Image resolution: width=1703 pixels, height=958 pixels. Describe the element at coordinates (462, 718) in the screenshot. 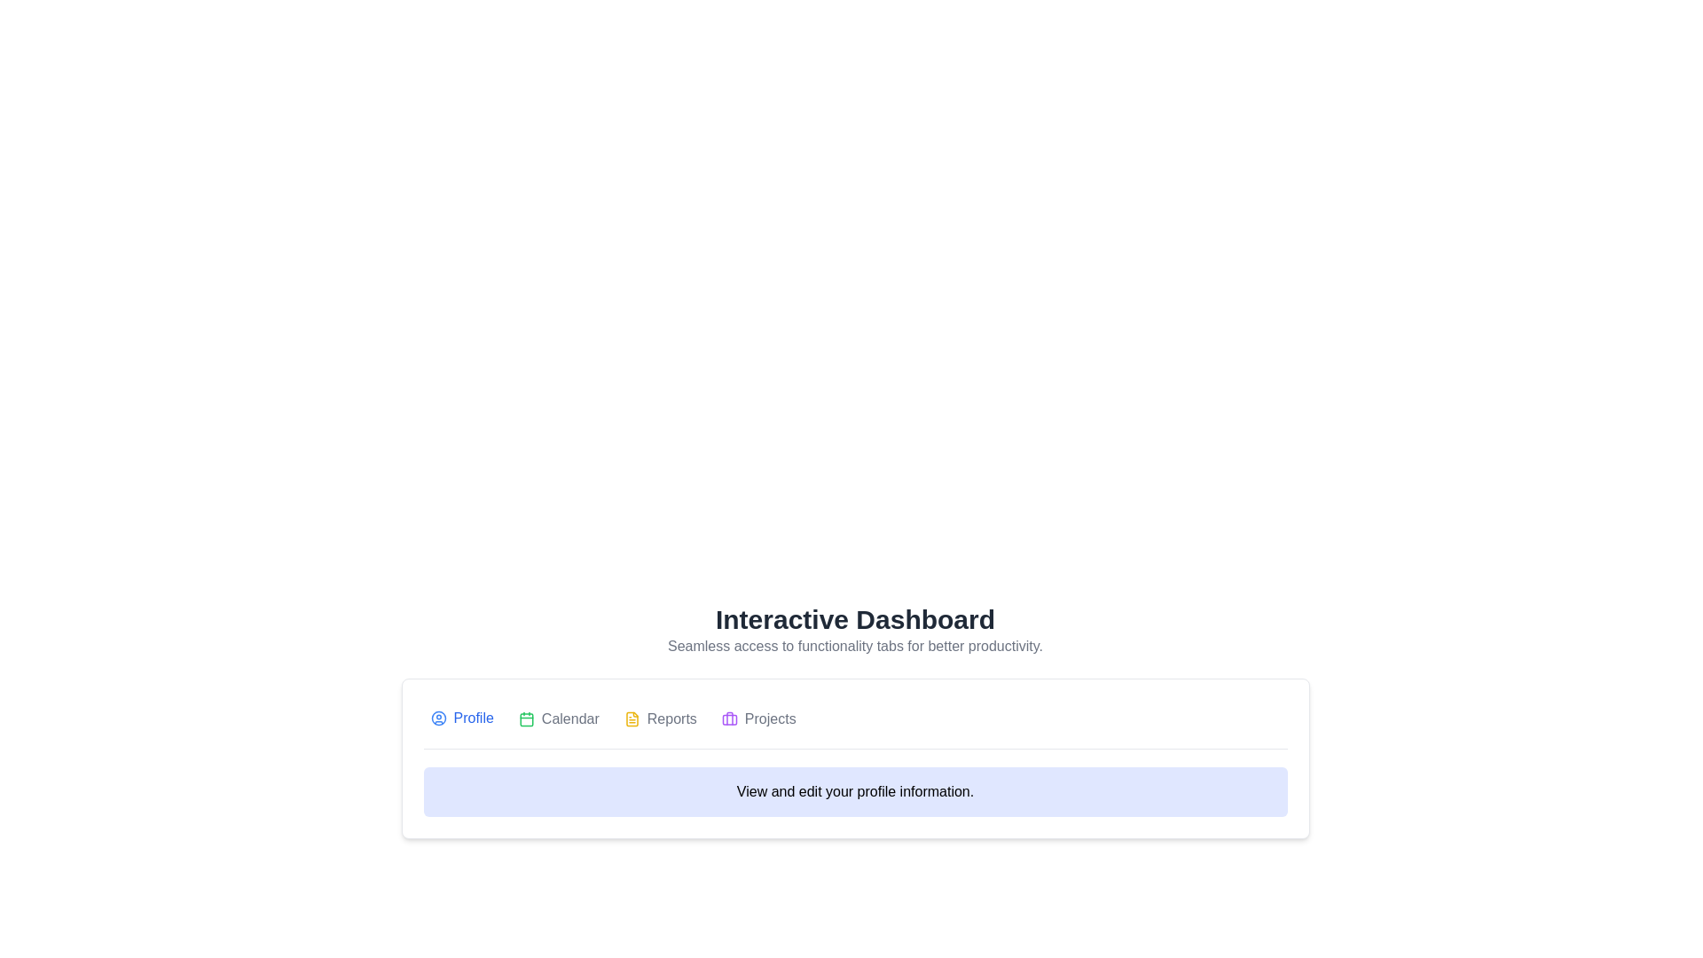

I see `the blue 'Profile' button with a user silhouette icon` at that location.